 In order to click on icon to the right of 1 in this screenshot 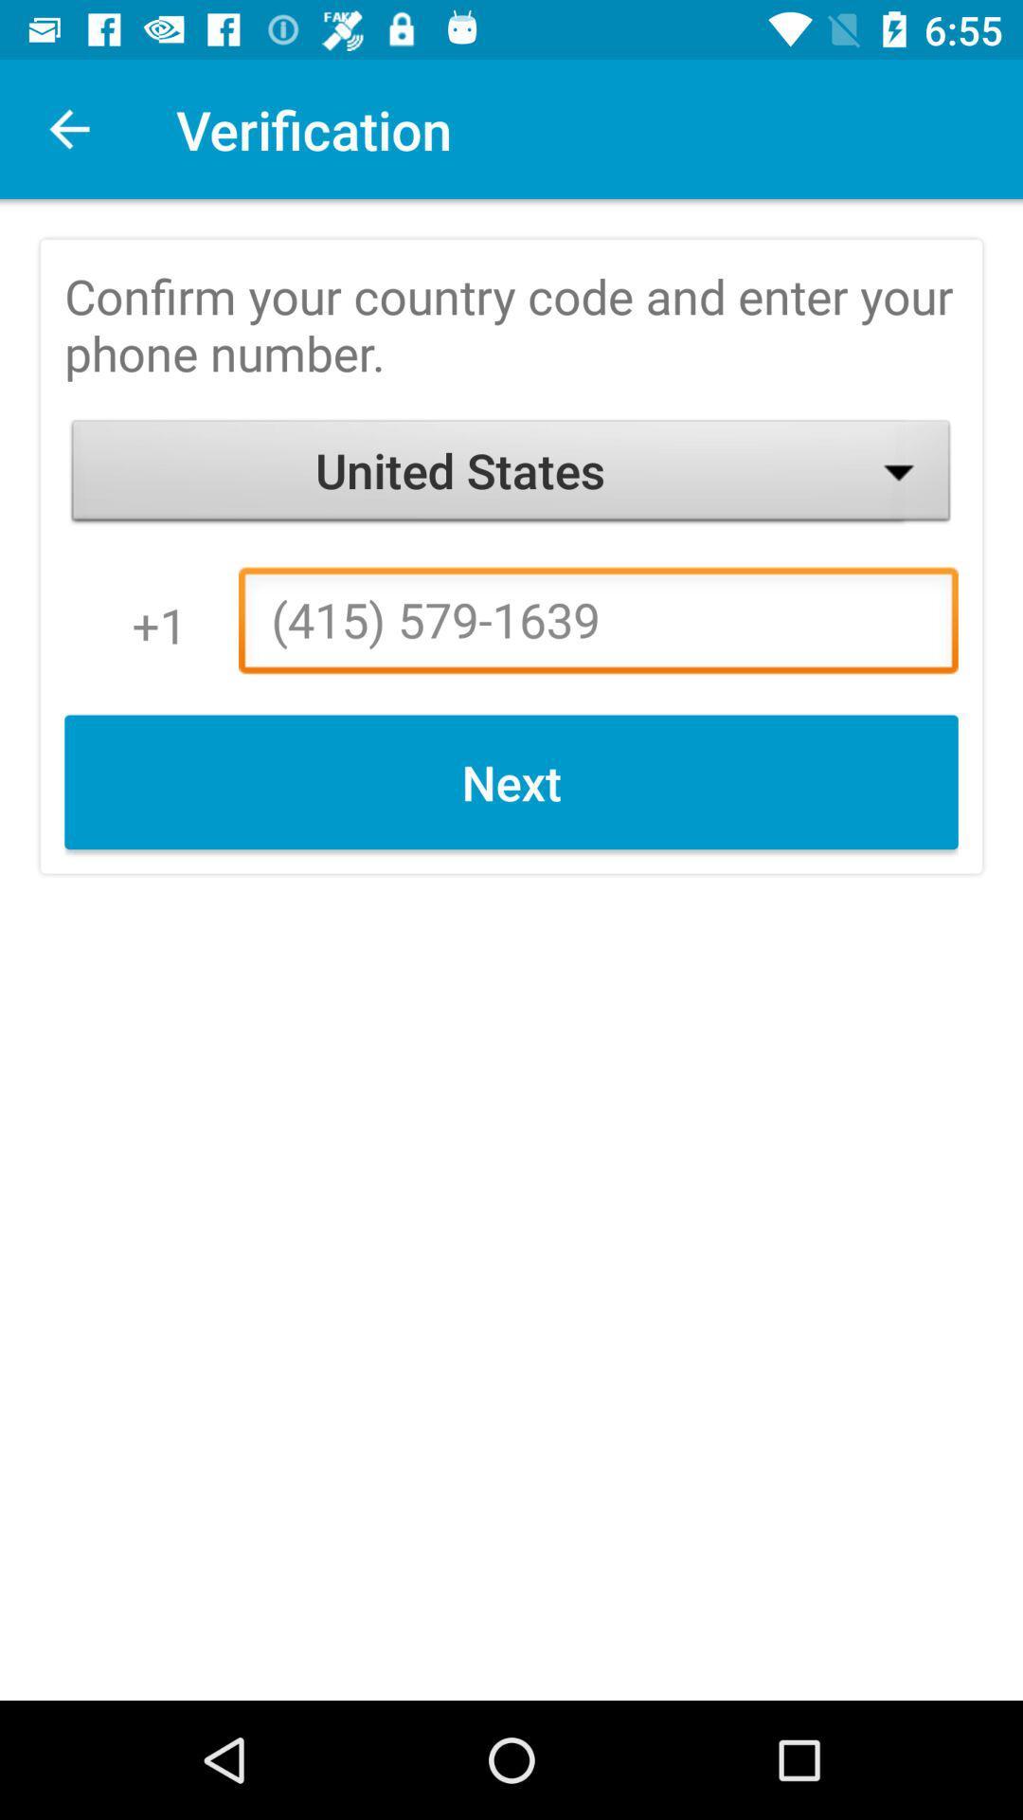, I will do `click(598, 626)`.